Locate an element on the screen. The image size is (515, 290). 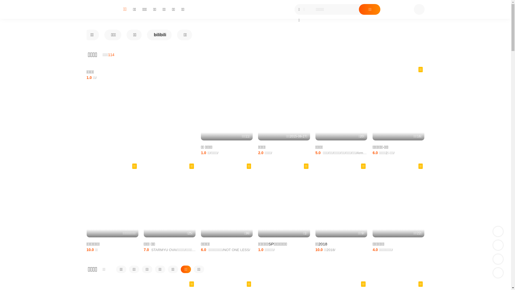
'bilibili' is located at coordinates (159, 35).